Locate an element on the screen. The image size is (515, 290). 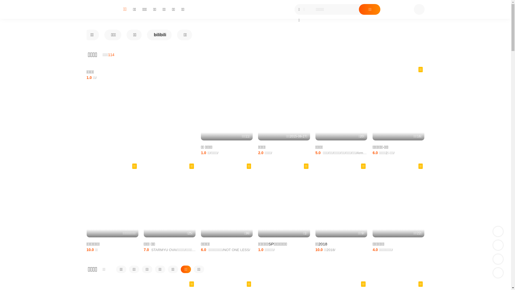
'bilibili' is located at coordinates (159, 35).